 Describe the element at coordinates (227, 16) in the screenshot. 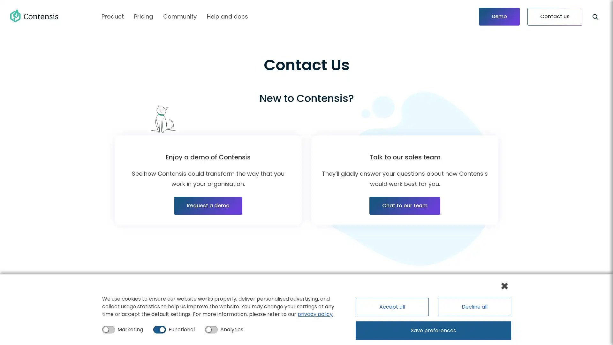

I see `Help and docs` at that location.